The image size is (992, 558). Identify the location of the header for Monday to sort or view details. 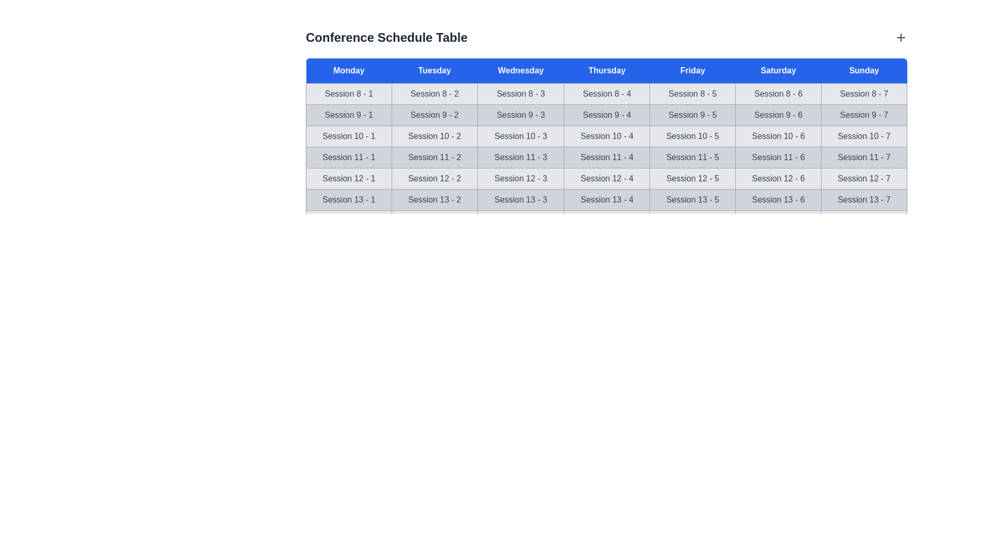
(349, 70).